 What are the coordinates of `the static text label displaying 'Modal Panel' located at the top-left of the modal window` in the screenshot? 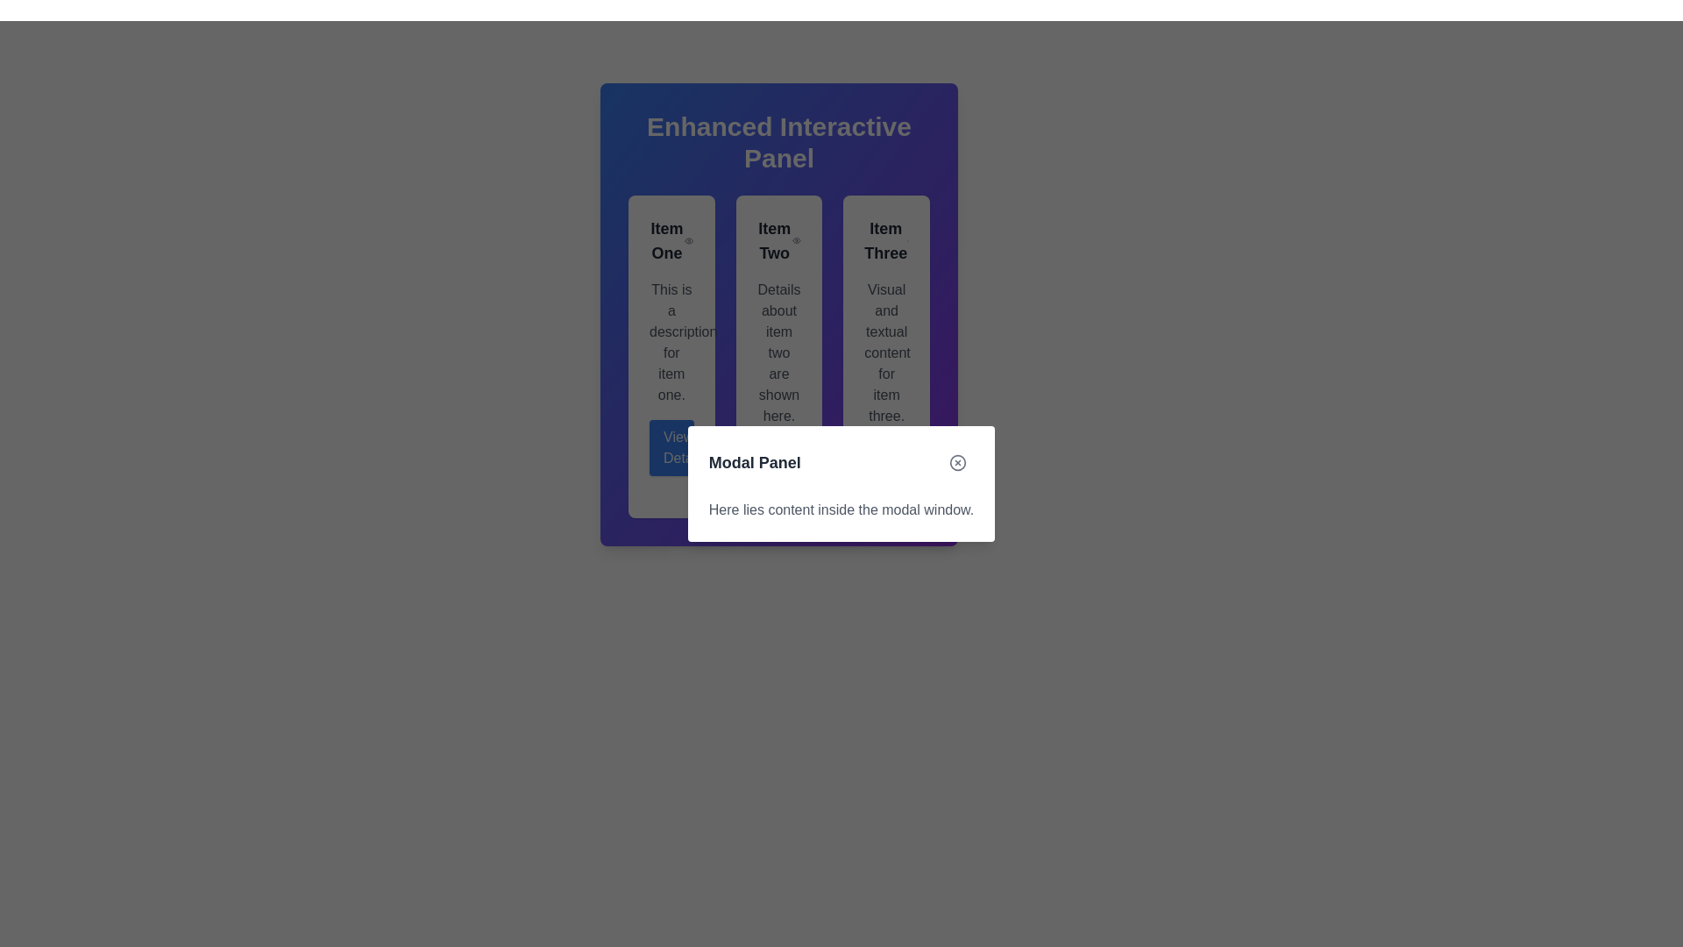 It's located at (755, 462).